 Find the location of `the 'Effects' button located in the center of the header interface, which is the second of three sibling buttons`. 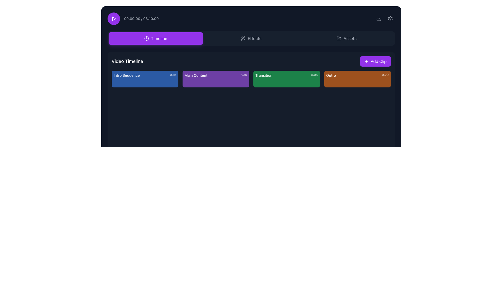

the 'Effects' button located in the center of the header interface, which is the second of three sibling buttons is located at coordinates (251, 38).